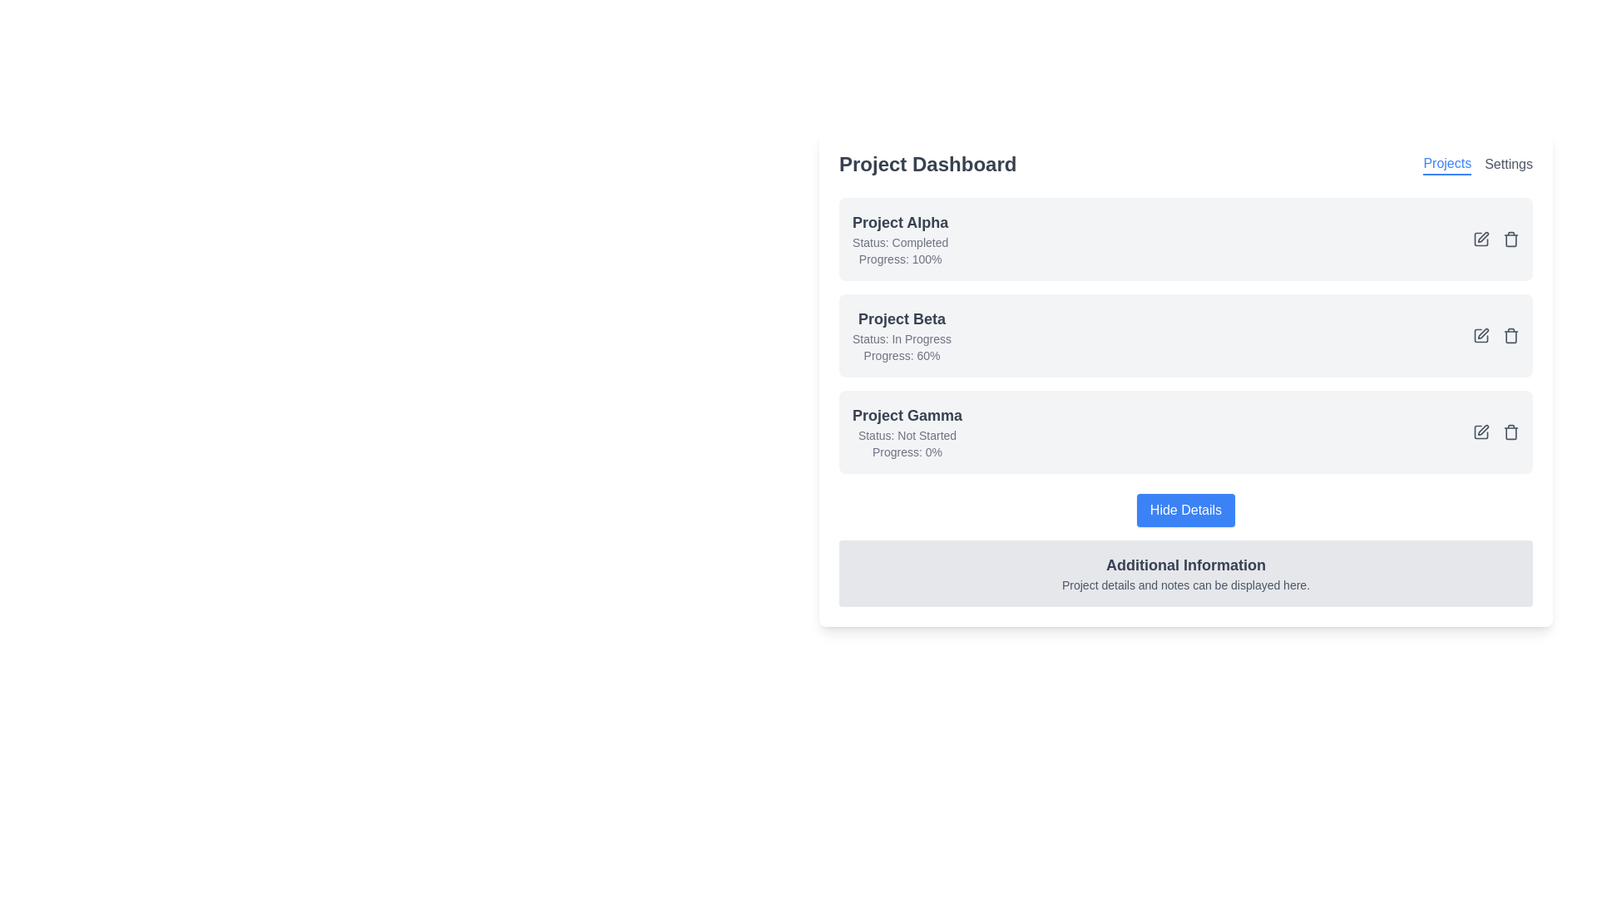 This screenshot has height=898, width=1597. What do you see at coordinates (1184, 509) in the screenshot?
I see `the toggle button located at the bottom of the project list section` at bounding box center [1184, 509].